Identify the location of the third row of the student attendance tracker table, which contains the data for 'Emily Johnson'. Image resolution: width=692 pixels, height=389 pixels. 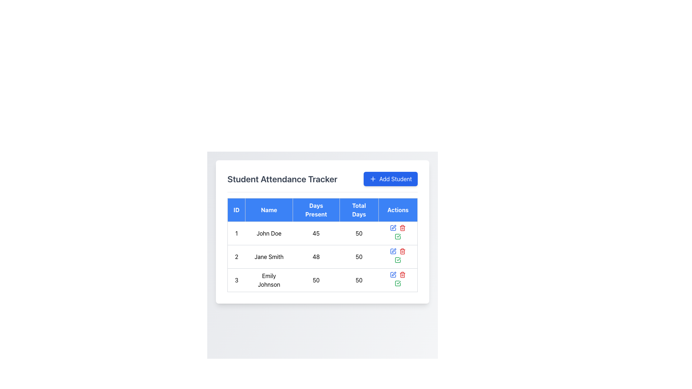
(322, 280).